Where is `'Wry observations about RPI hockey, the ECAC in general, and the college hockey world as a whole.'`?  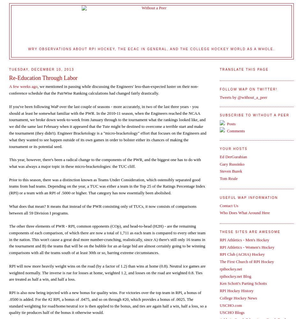 'Wry observations about RPI hockey, the ECAC in general, and the college hockey world as a whole.' is located at coordinates (151, 49).